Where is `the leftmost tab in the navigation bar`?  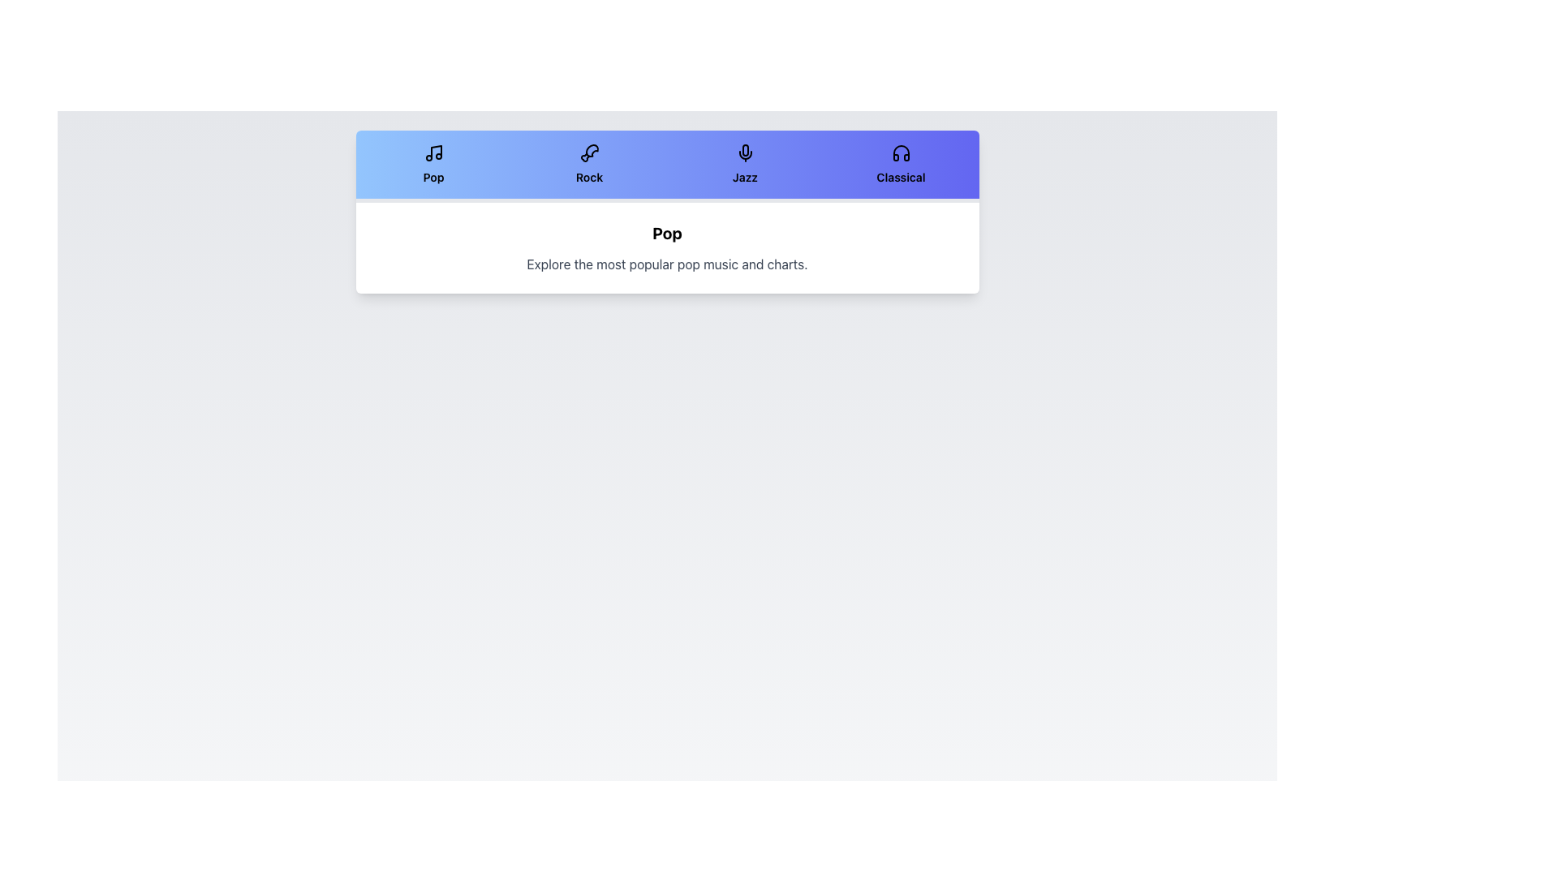
the leftmost tab in the navigation bar is located at coordinates (433, 165).